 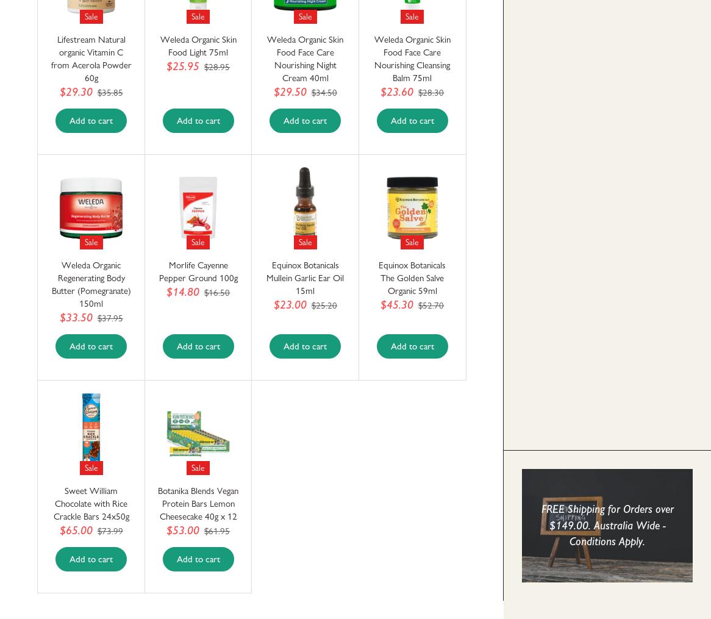 I want to click on '$16.50', so click(x=216, y=292).